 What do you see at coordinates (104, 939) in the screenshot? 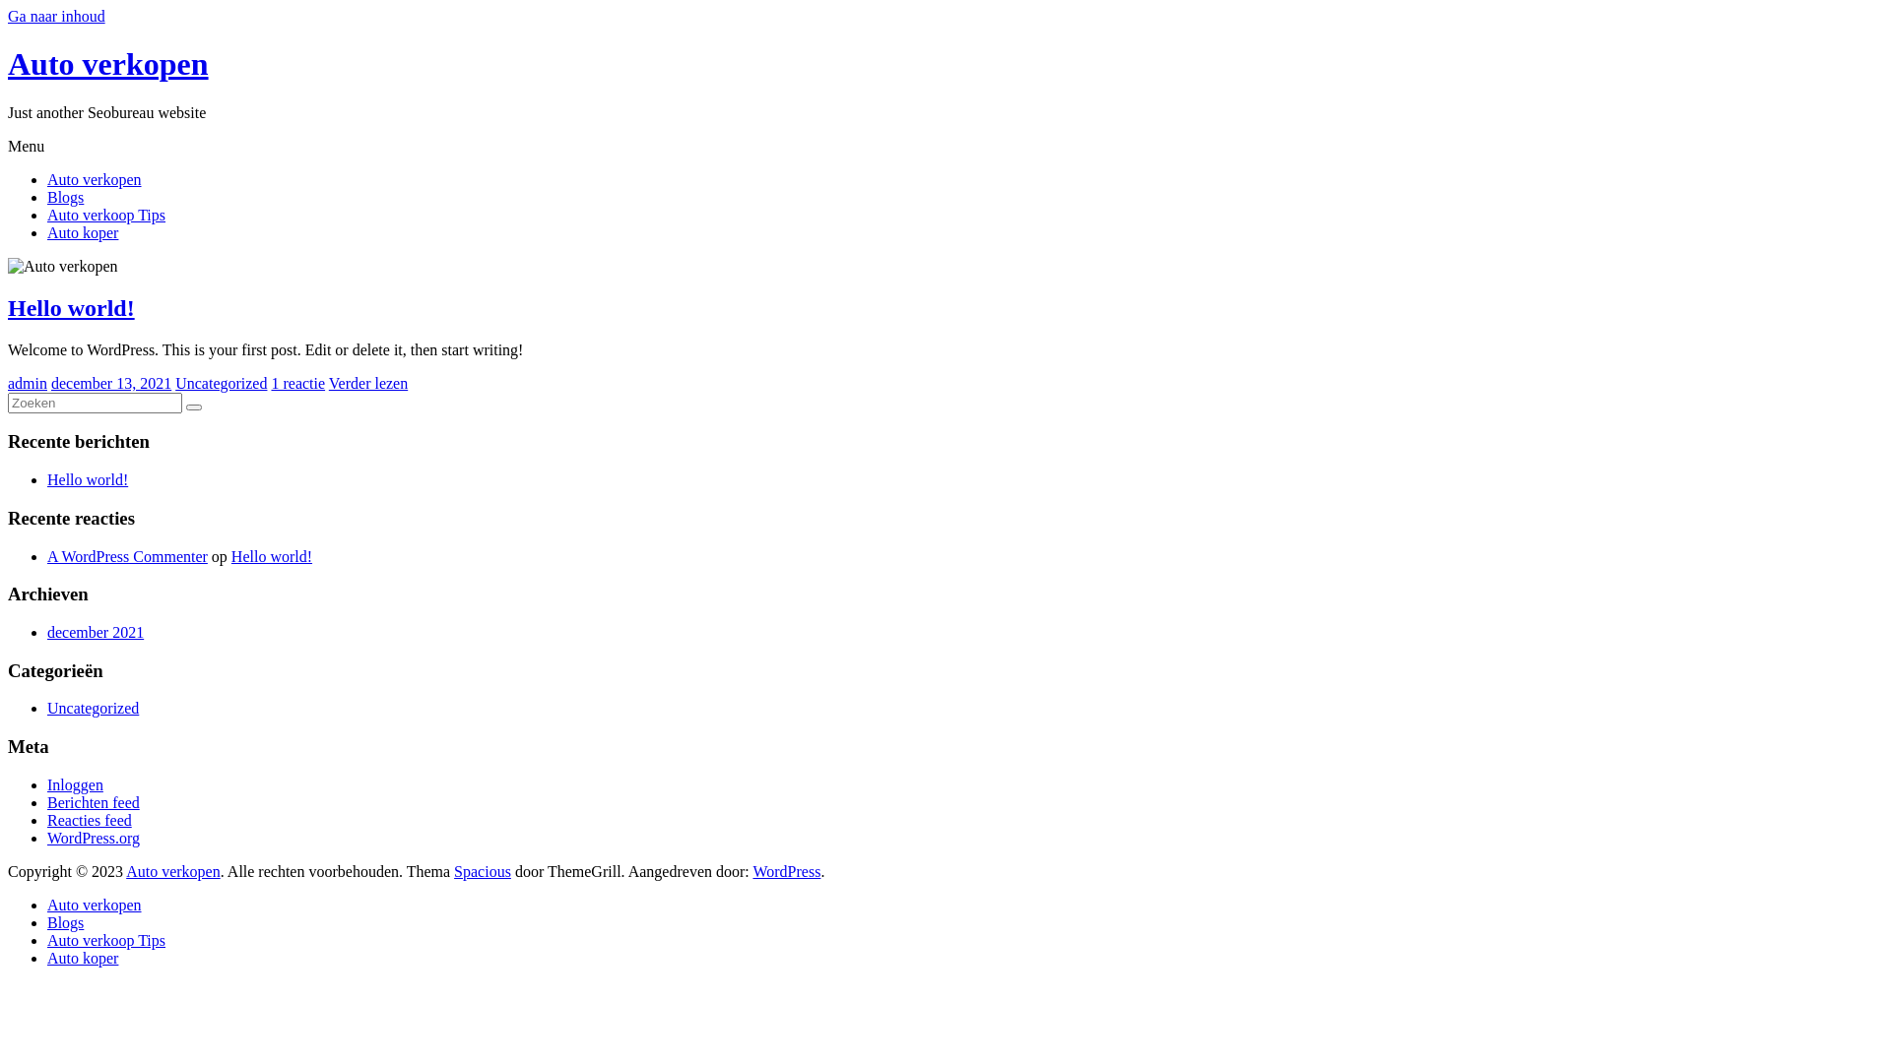
I see `'Auto verkoop Tips'` at bounding box center [104, 939].